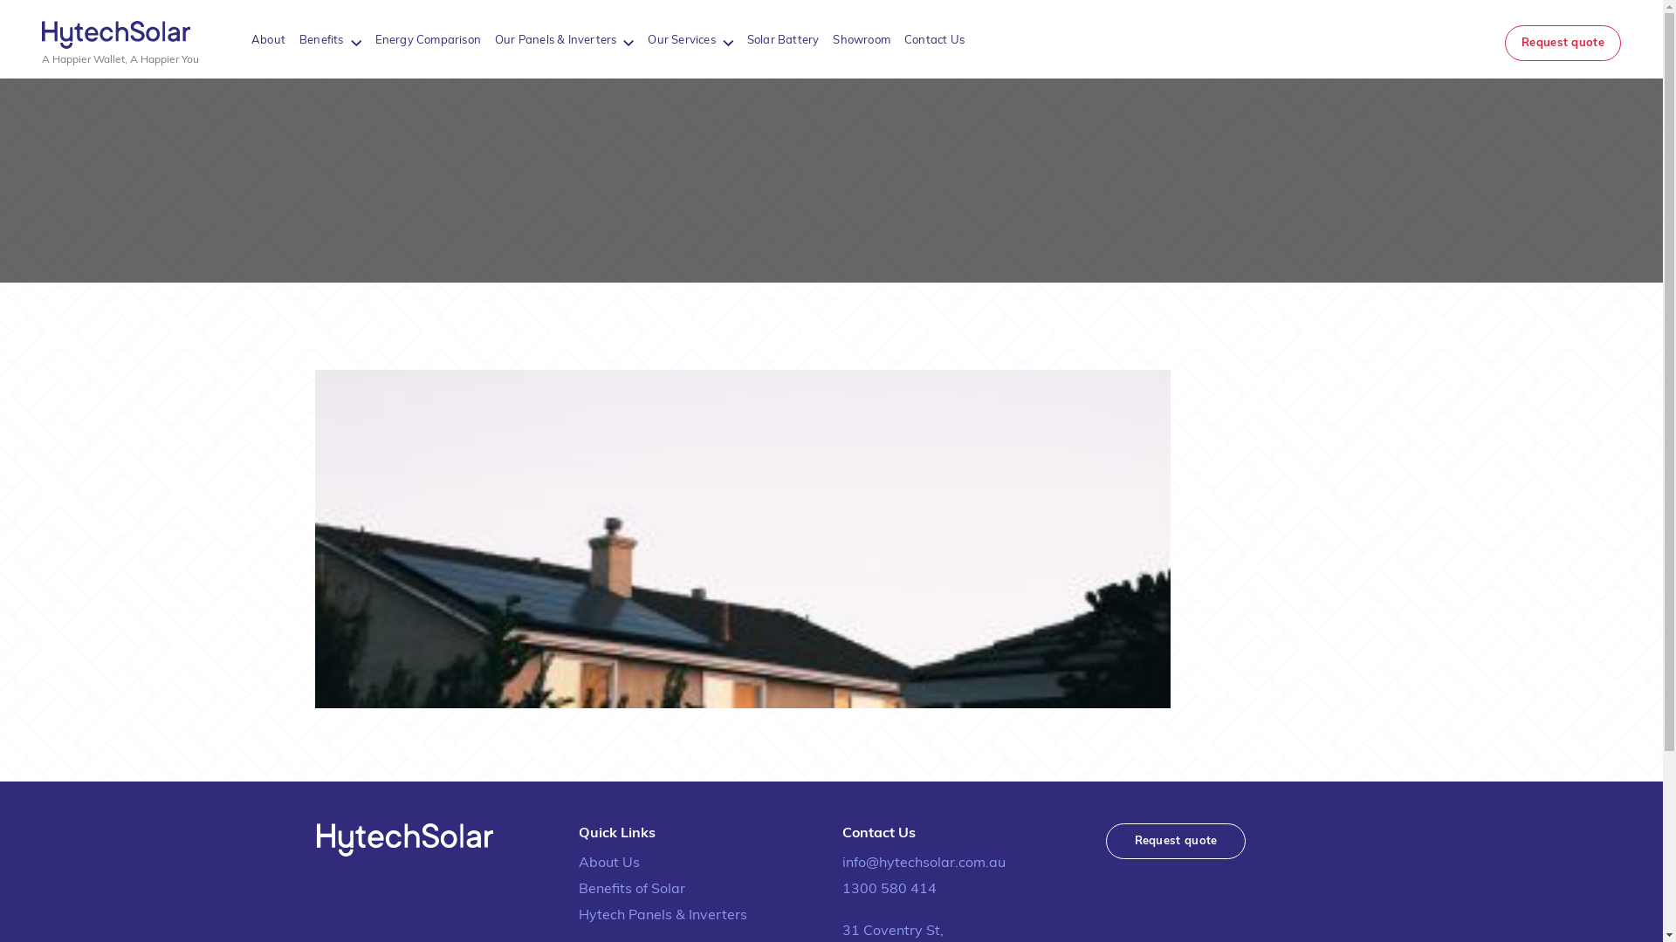  Describe the element at coordinates (428, 39) in the screenshot. I see `'Energy Comparison'` at that location.